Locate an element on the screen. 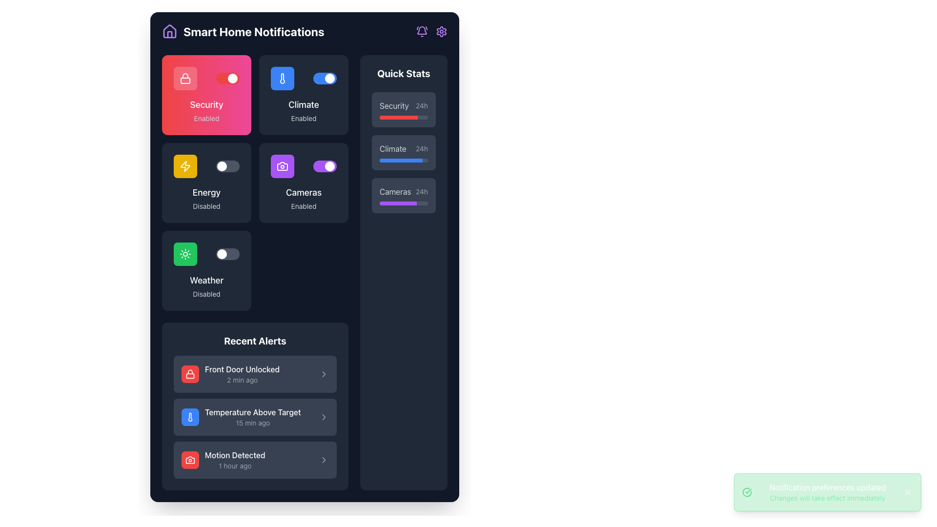 The height and width of the screenshot is (527, 937). the 'Recent Alerts' header text element, which is styled in bold, white text on a dark-blue background, located in the bottom-left section of the interface is located at coordinates (255, 340).